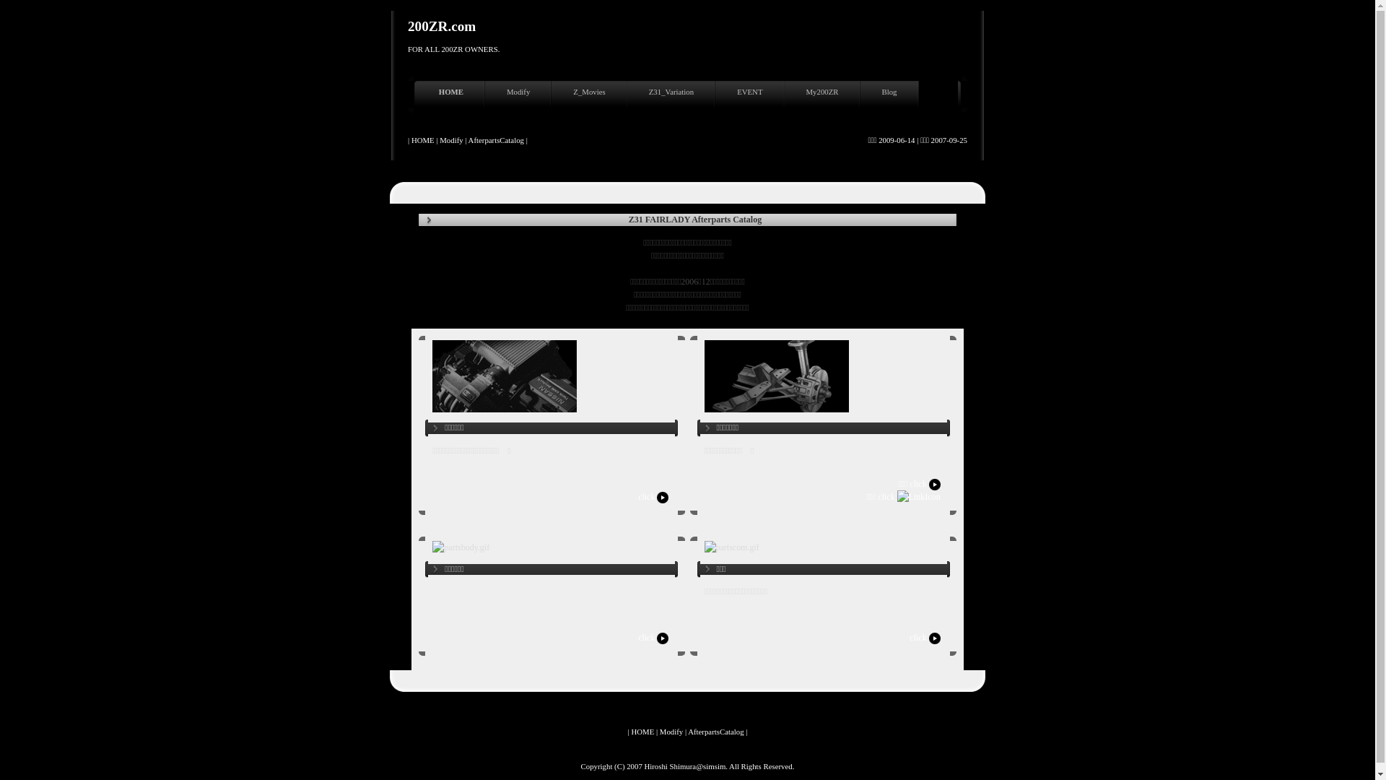 Image resolution: width=1386 pixels, height=780 pixels. I want to click on 'click', so click(925, 637).